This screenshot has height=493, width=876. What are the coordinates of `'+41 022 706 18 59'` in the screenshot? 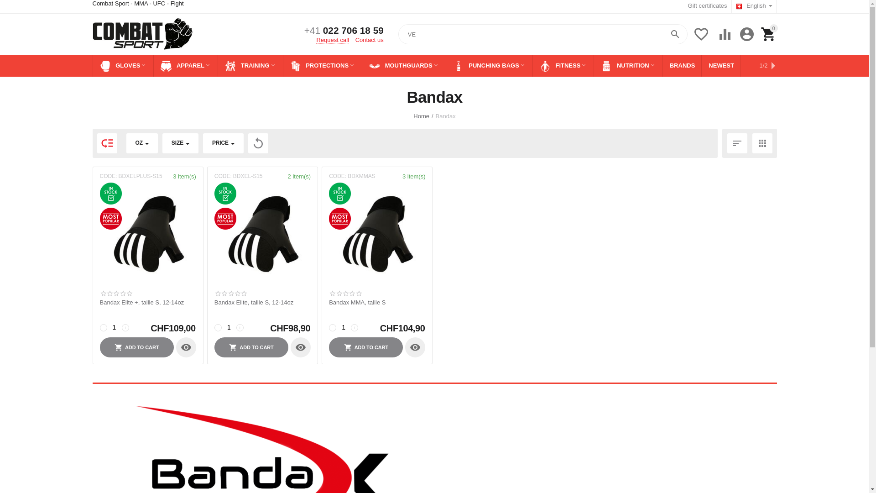 It's located at (304, 30).